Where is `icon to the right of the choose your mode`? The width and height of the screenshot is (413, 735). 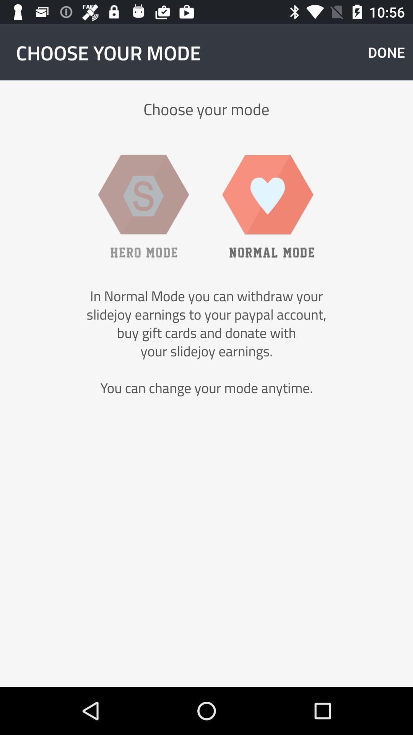 icon to the right of the choose your mode is located at coordinates (386, 52).